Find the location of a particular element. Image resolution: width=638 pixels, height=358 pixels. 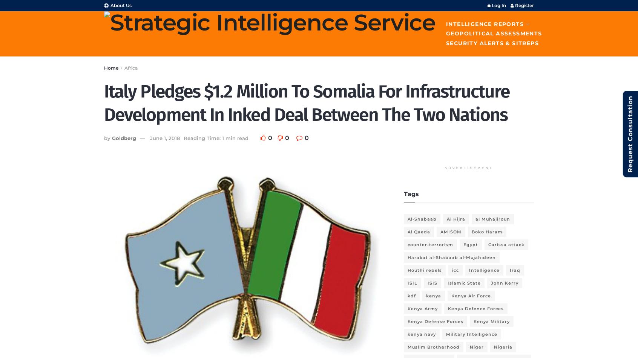

'Harakat al-Shabaab al-Mujahideen' is located at coordinates (451, 257).